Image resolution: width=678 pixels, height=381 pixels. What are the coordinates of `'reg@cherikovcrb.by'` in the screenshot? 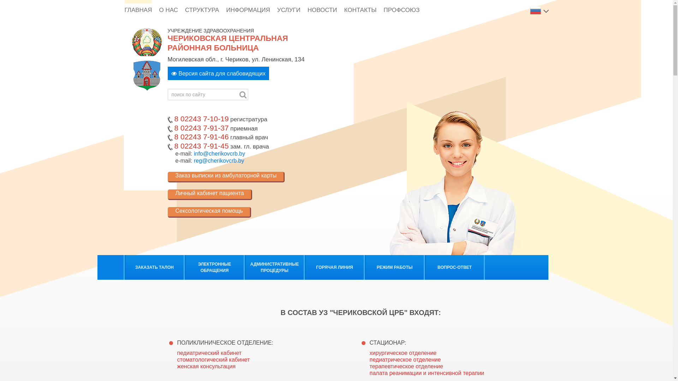 It's located at (219, 161).